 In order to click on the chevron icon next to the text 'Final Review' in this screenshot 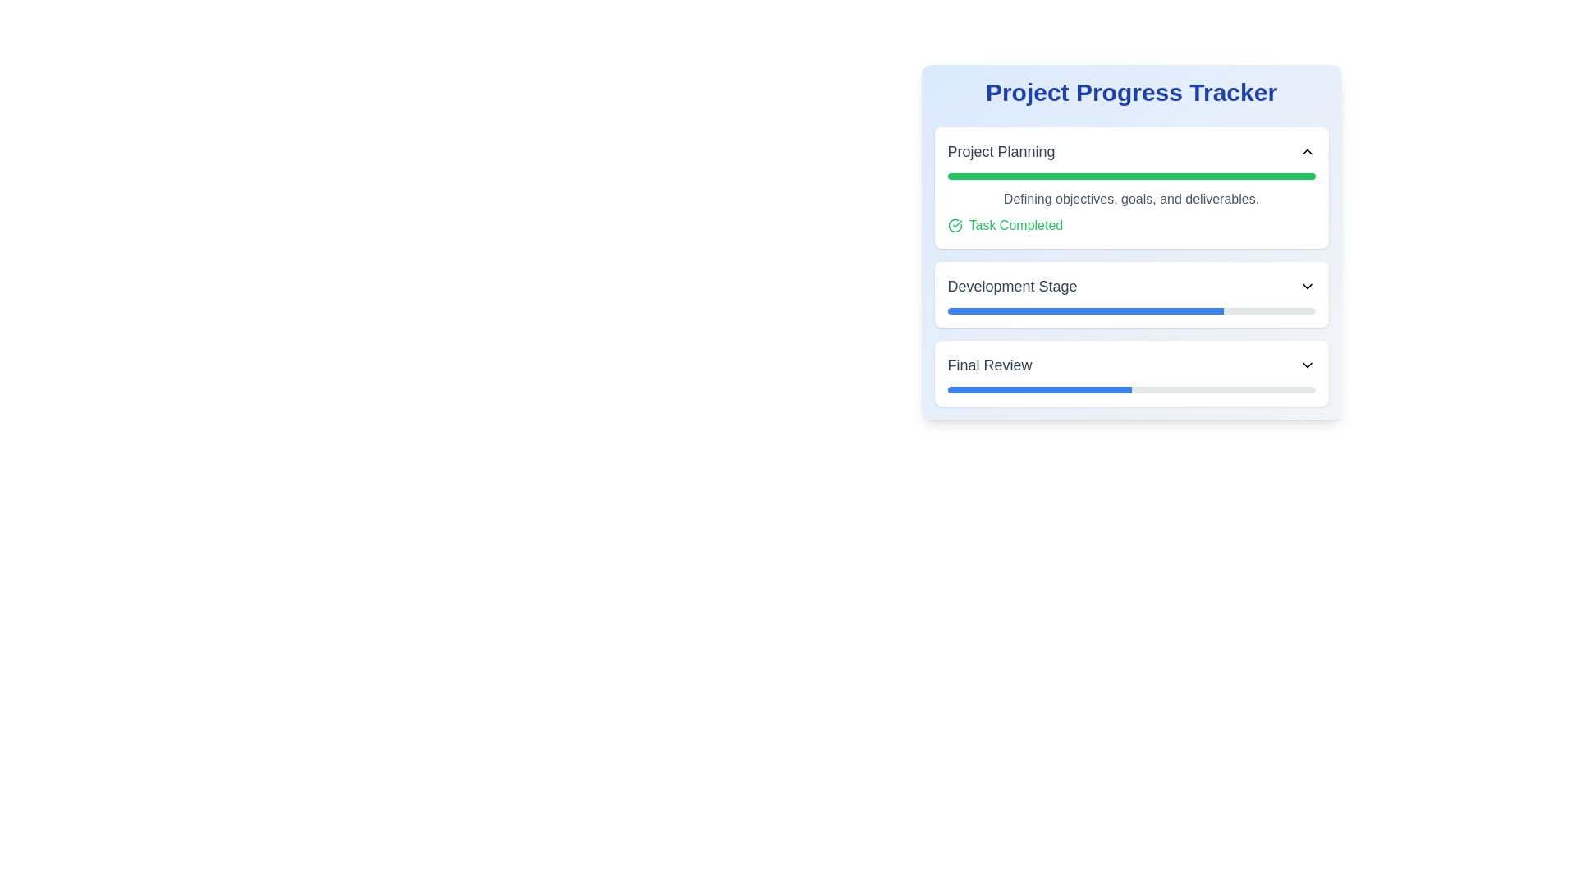, I will do `click(1306, 364)`.